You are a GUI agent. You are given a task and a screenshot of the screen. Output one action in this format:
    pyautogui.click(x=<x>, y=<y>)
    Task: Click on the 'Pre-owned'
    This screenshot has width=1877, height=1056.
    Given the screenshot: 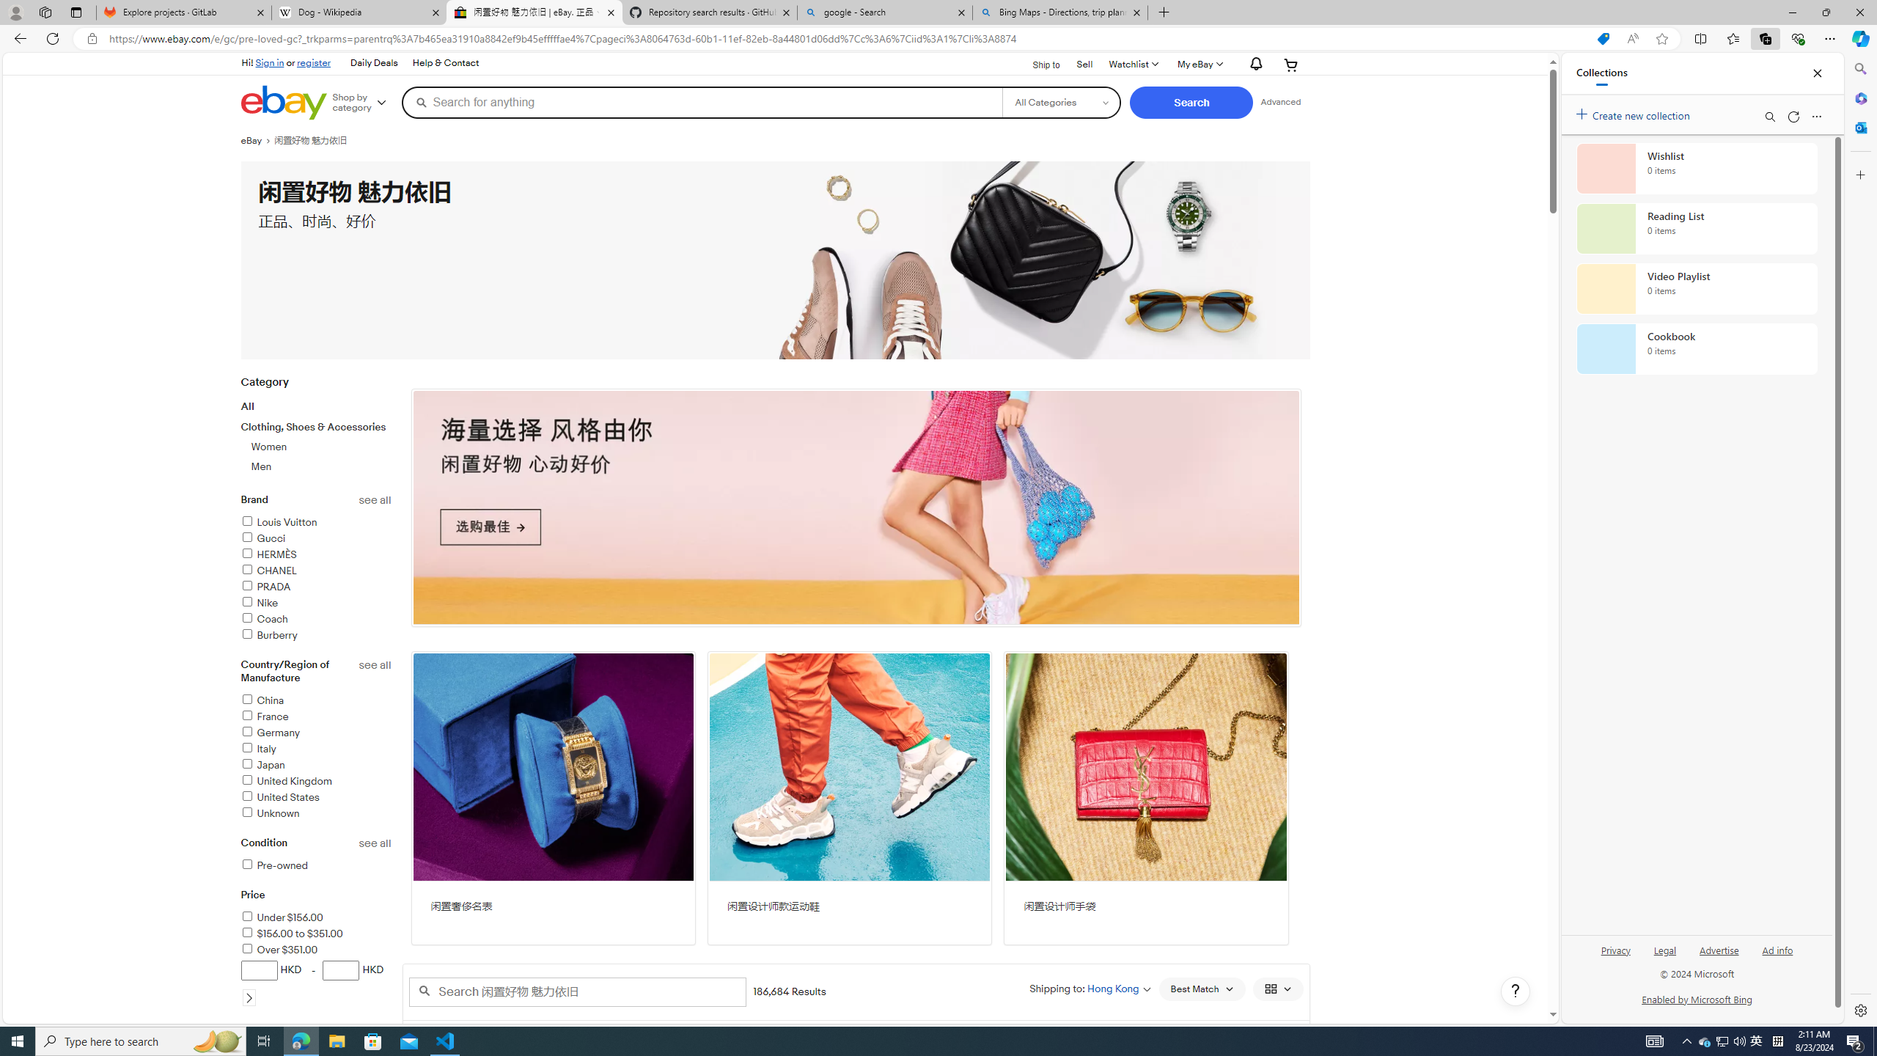 What is the action you would take?
    pyautogui.click(x=316, y=865)
    